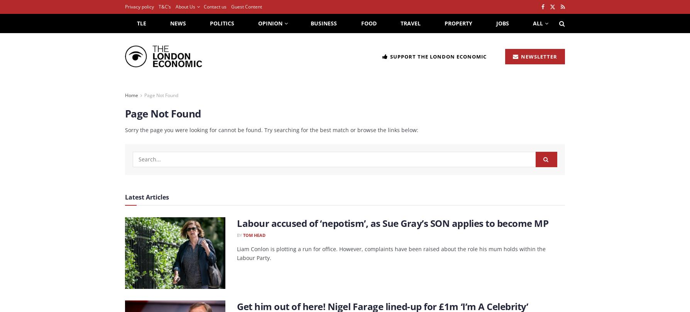  Describe the element at coordinates (410, 23) in the screenshot. I see `'Travel'` at that location.